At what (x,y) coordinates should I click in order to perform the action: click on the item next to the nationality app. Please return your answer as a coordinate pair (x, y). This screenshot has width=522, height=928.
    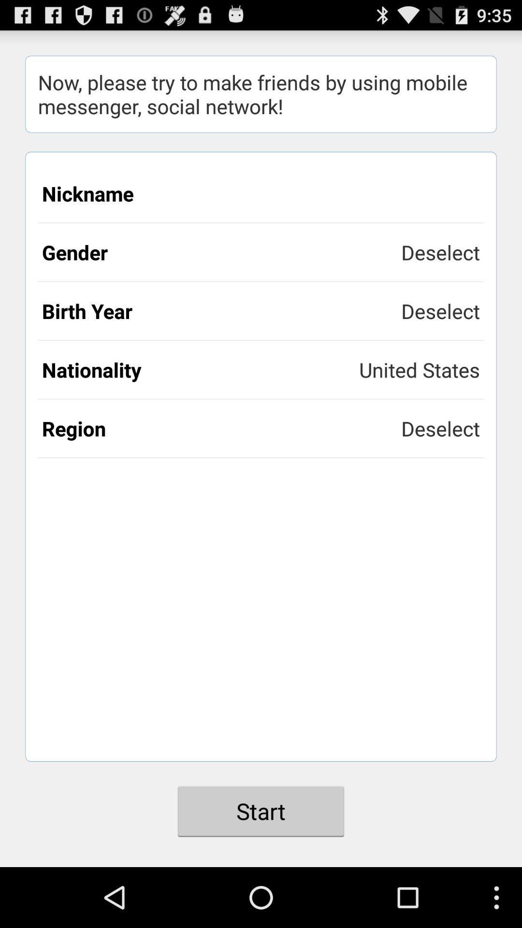
    Looking at the image, I should click on (419, 369).